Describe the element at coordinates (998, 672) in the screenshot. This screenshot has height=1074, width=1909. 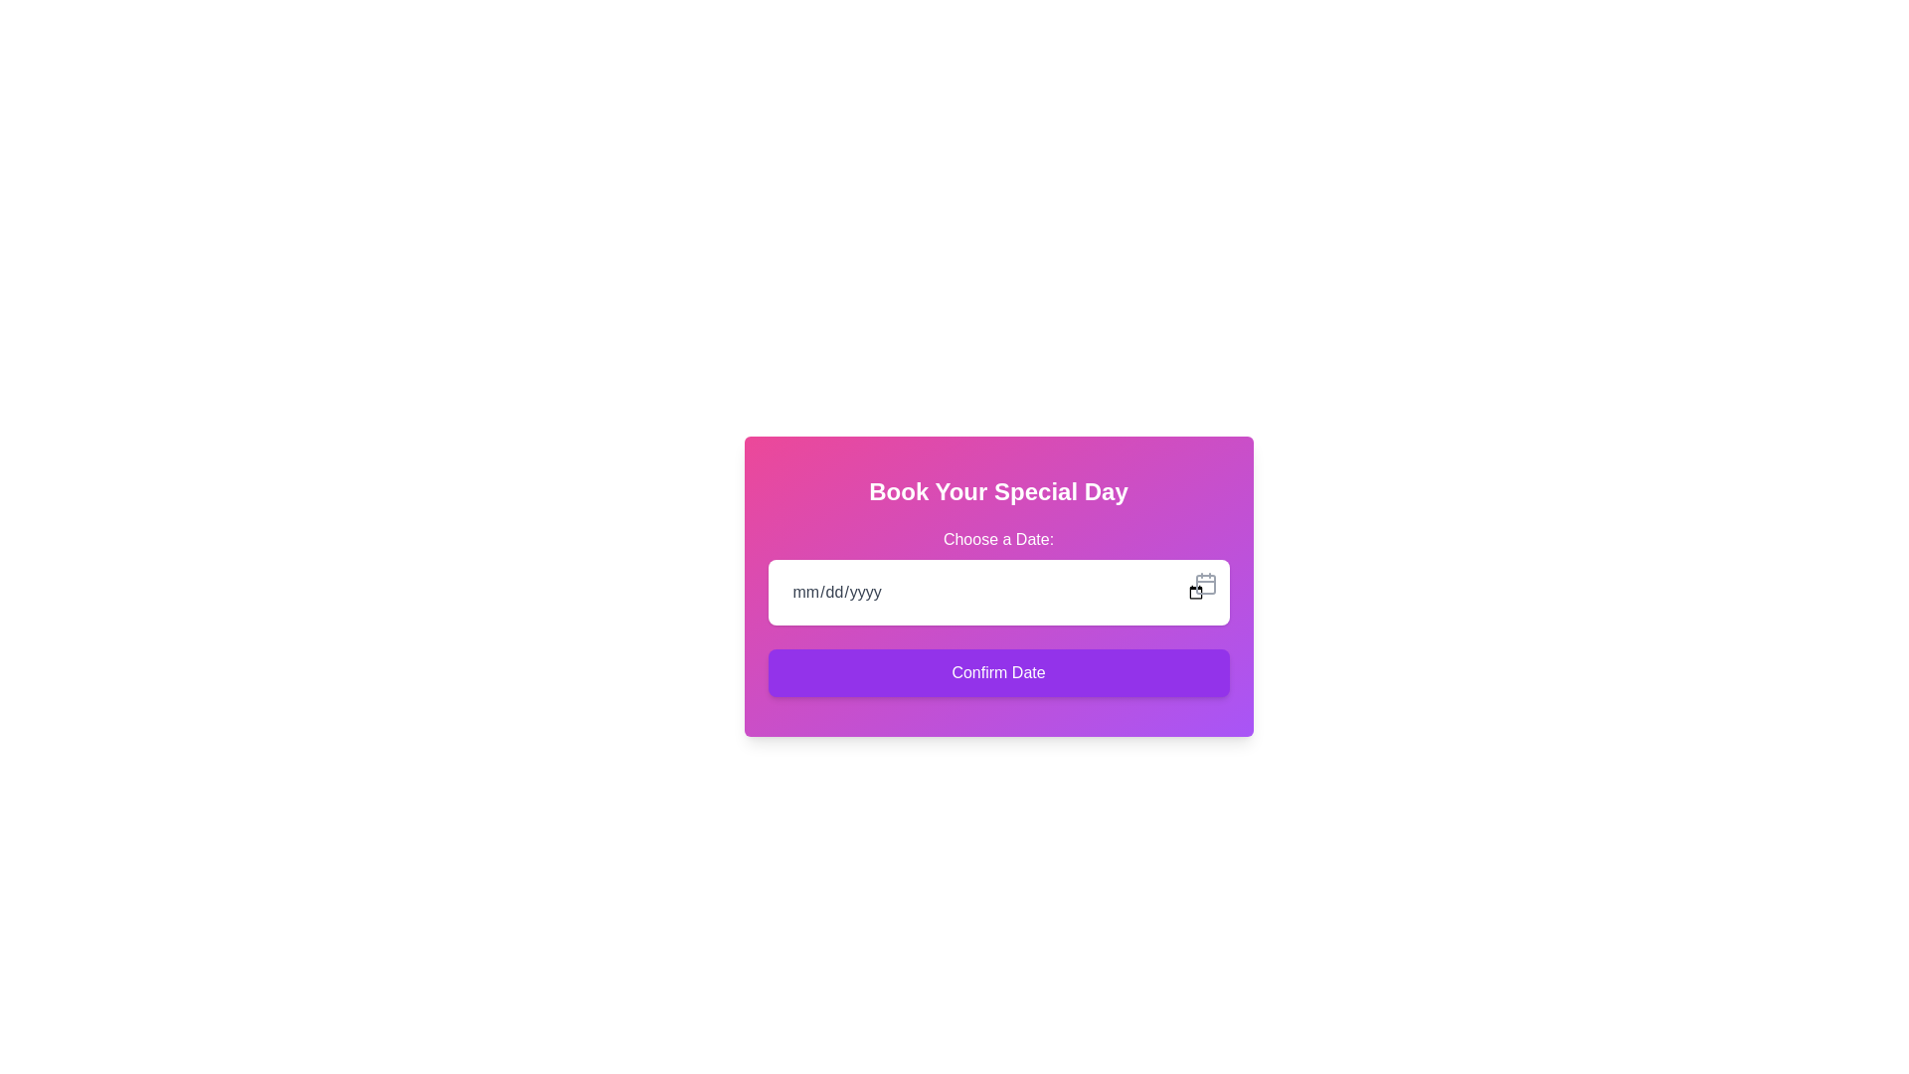
I see `the 'Confirm Date' button, which is a rectangular button with rounded corners and a vibrant purple gradient background` at that location.